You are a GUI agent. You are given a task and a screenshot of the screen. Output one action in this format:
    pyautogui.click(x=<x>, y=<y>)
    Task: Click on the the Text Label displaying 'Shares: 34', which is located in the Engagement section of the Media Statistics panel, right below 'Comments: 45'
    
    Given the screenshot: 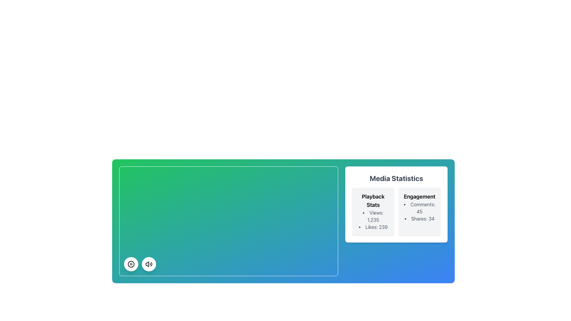 What is the action you would take?
    pyautogui.click(x=419, y=219)
    